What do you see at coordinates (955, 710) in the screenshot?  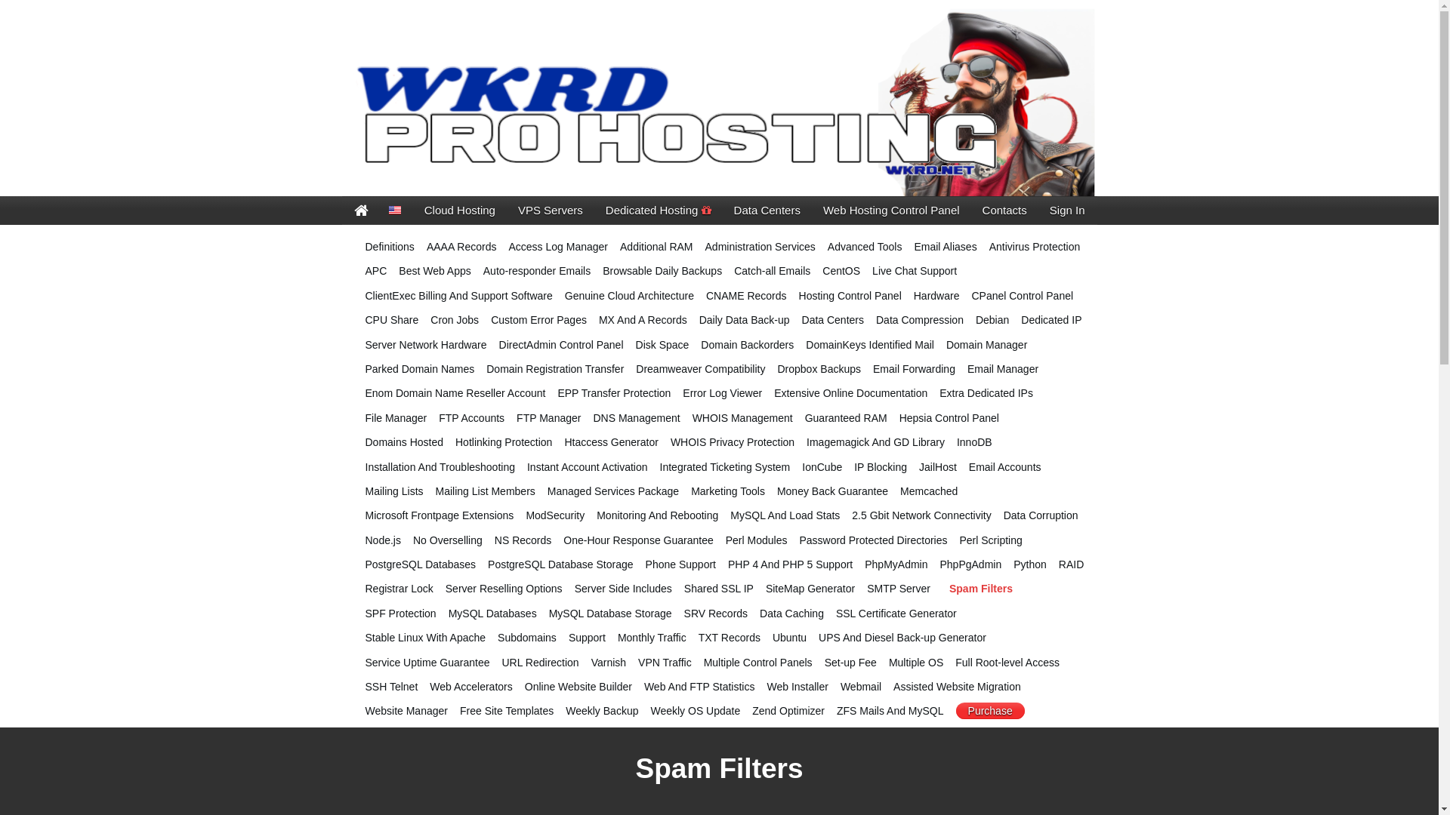 I see `'Purchase'` at bounding box center [955, 710].